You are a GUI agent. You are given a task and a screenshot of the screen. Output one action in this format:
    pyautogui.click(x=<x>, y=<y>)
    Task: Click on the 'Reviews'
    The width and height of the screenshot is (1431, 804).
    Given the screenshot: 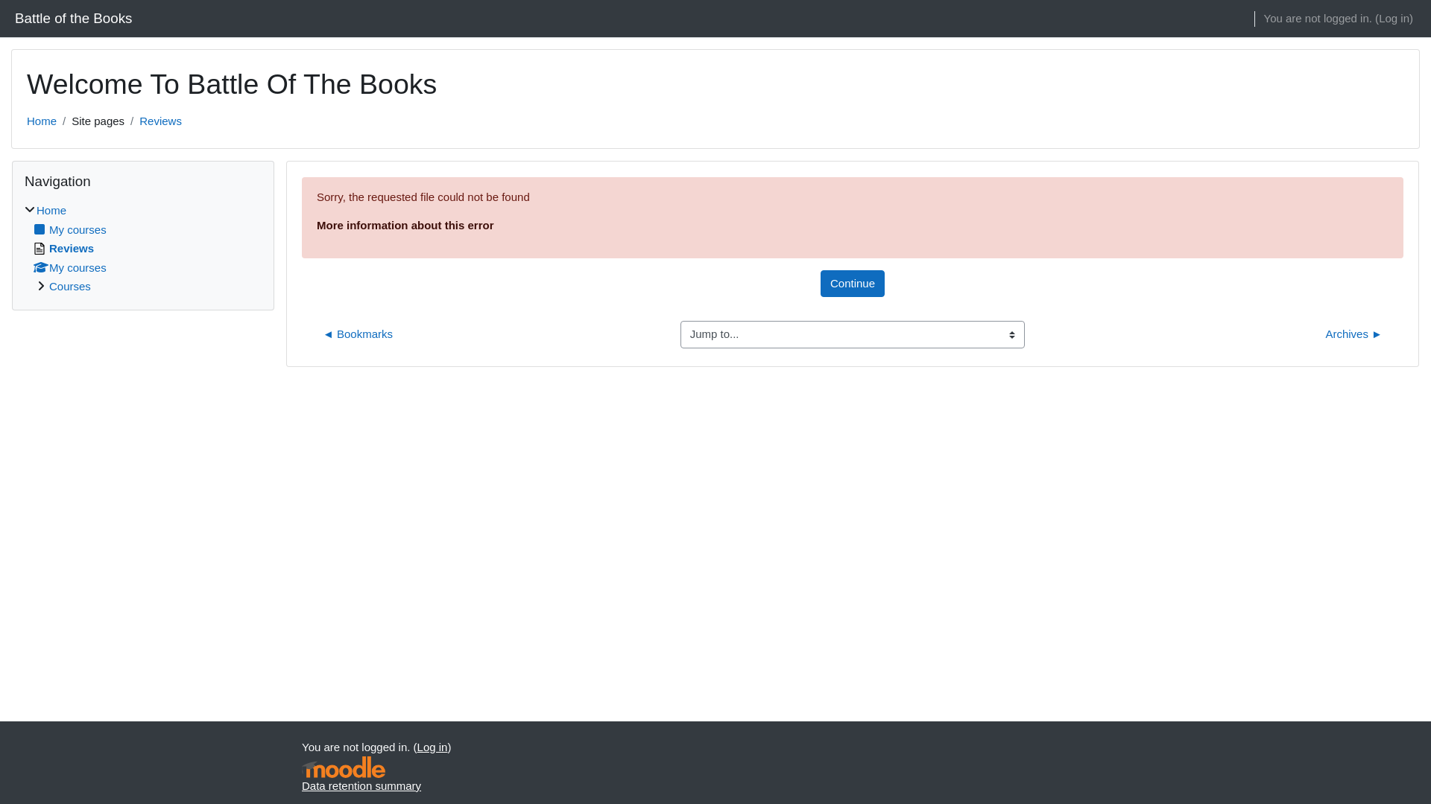 What is the action you would take?
    pyautogui.click(x=63, y=247)
    